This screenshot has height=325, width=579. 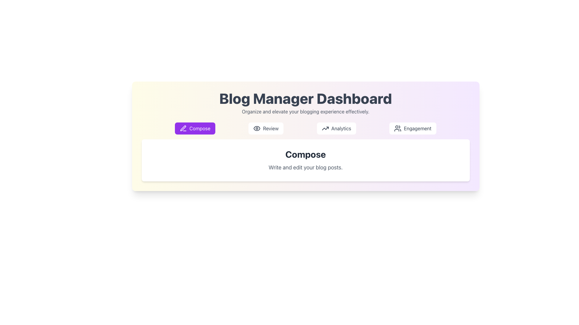 What do you see at coordinates (195, 128) in the screenshot?
I see `the 'Compose' button with a purple background and white text, which is the first button in the top-left section of the interface` at bounding box center [195, 128].